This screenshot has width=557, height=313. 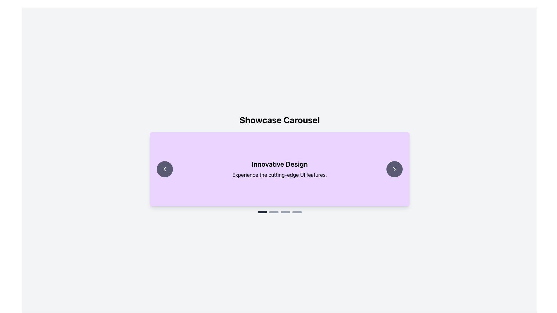 I want to click on the fourth navigation indicator, so click(x=297, y=212).